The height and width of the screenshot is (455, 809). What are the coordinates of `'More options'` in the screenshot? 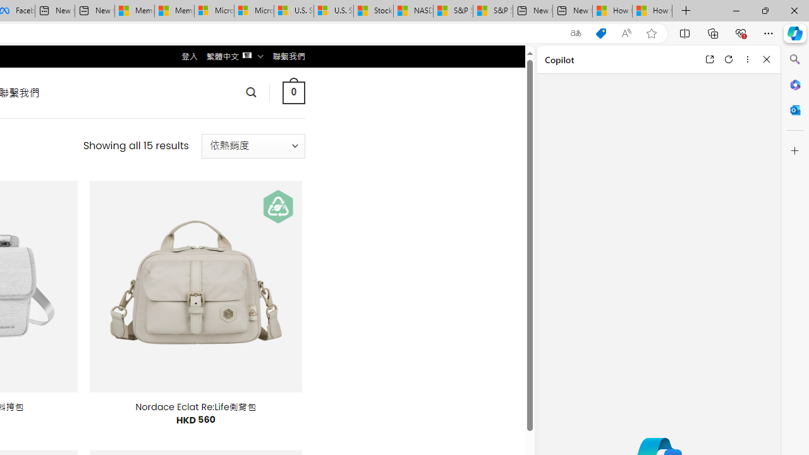 It's located at (747, 59).